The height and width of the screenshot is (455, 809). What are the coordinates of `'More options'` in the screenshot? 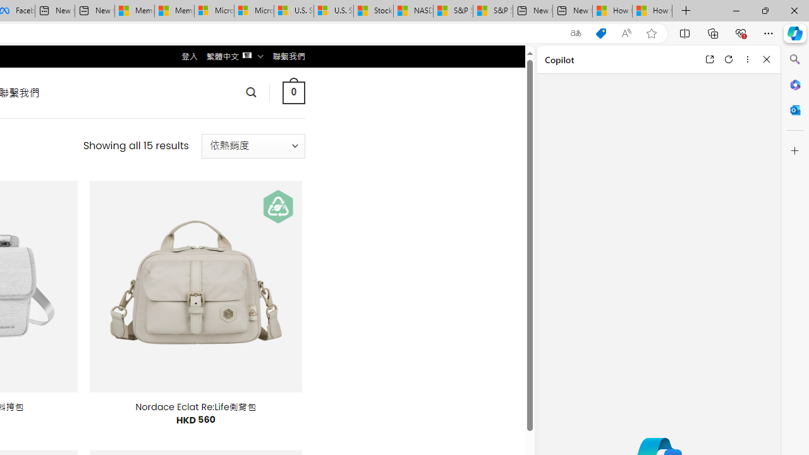 It's located at (747, 59).